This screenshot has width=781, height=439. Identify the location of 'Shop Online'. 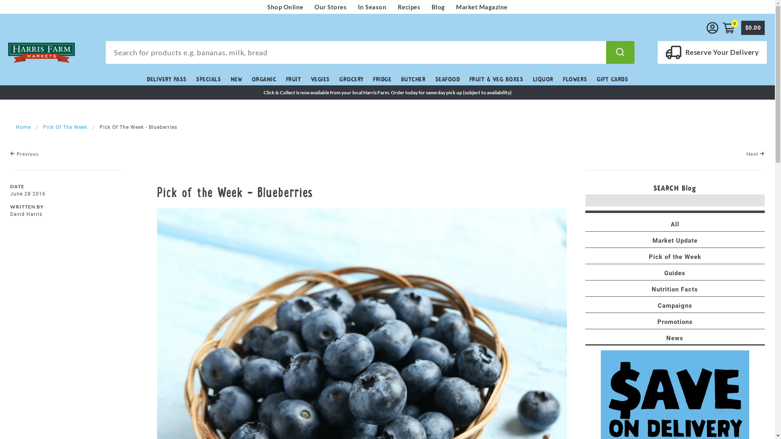
(285, 7).